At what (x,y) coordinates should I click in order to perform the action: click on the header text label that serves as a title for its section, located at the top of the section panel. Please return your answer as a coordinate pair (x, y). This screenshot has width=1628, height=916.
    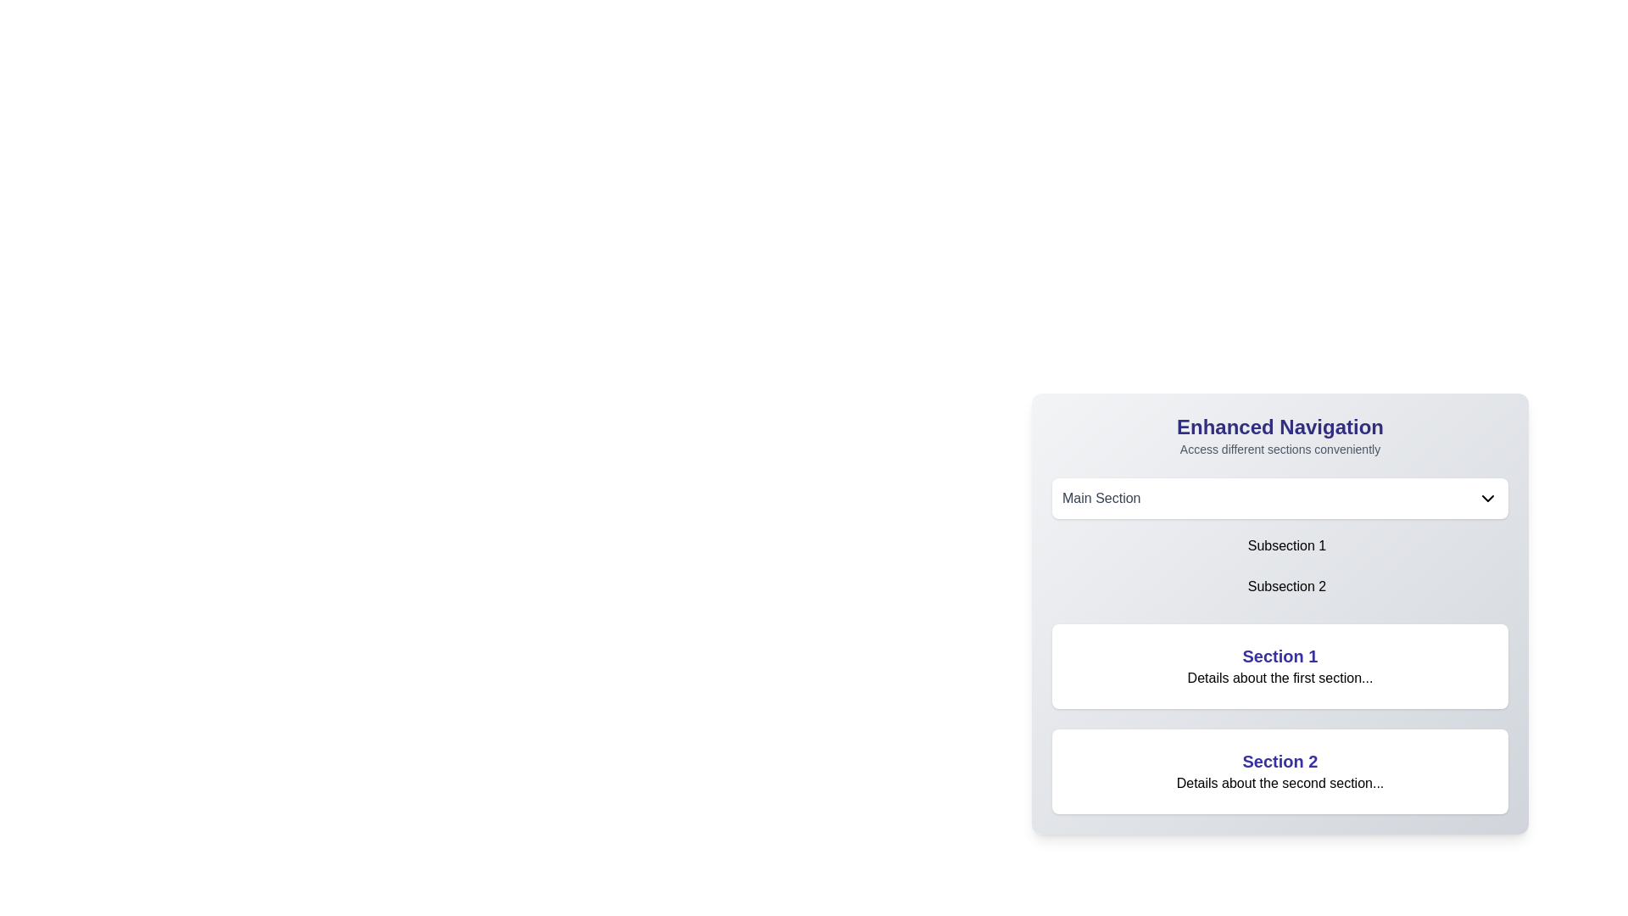
    Looking at the image, I should click on (1280, 656).